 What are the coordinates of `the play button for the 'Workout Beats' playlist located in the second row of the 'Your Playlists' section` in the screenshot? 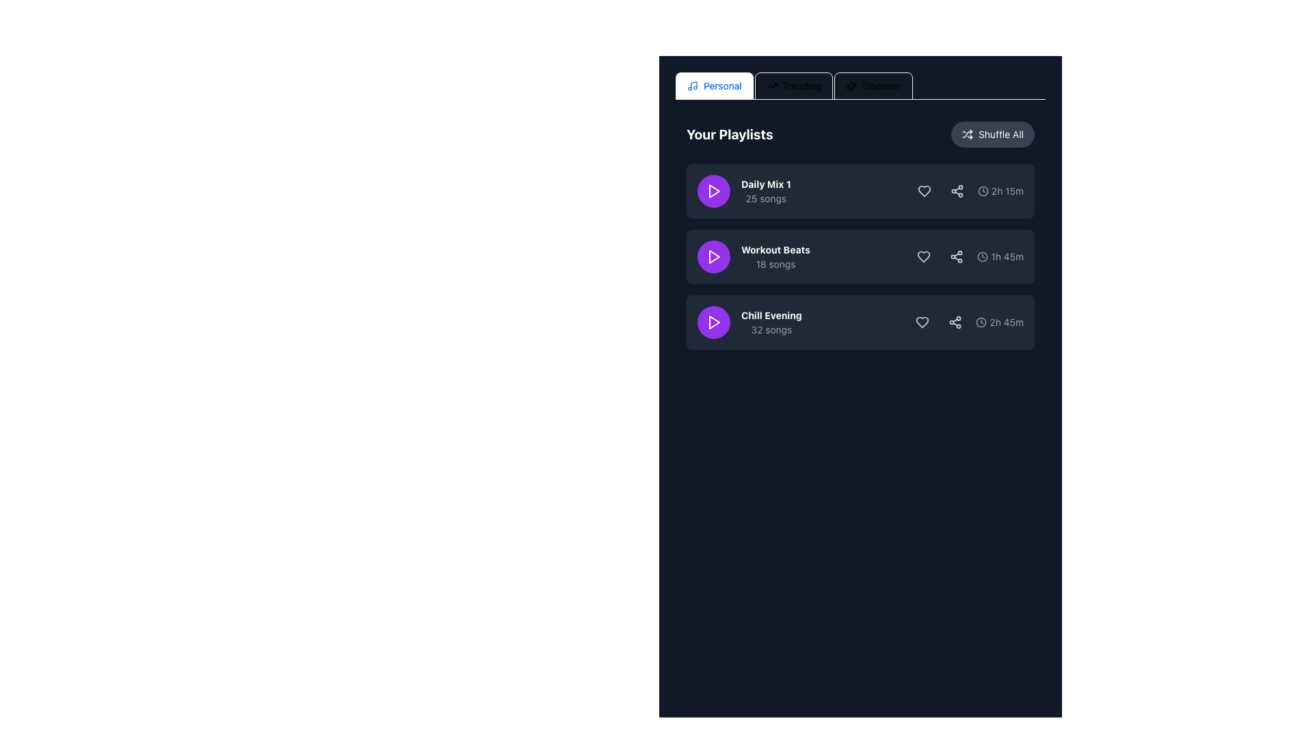 It's located at (713, 256).